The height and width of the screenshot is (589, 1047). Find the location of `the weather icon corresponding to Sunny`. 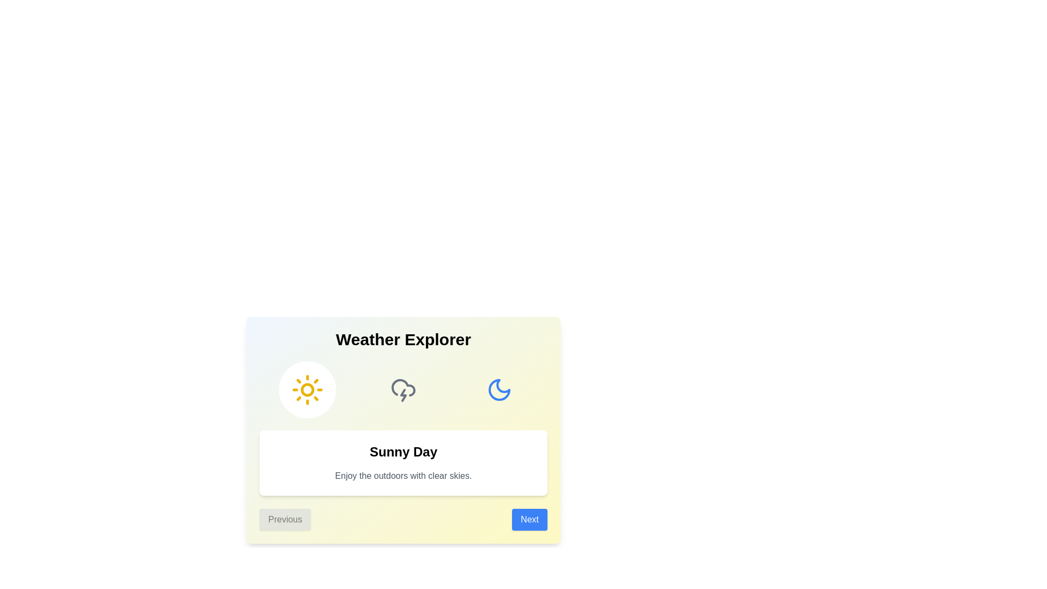

the weather icon corresponding to Sunny is located at coordinates (307, 389).